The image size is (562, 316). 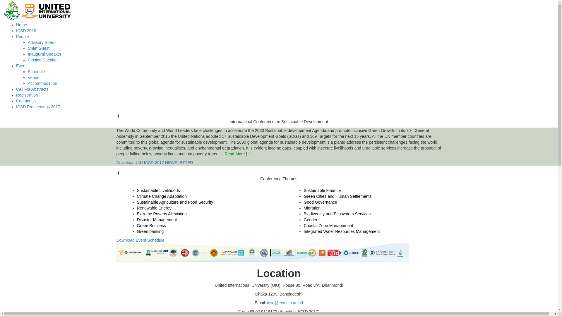 I want to click on 'Call For Abstracts', so click(x=32, y=89).